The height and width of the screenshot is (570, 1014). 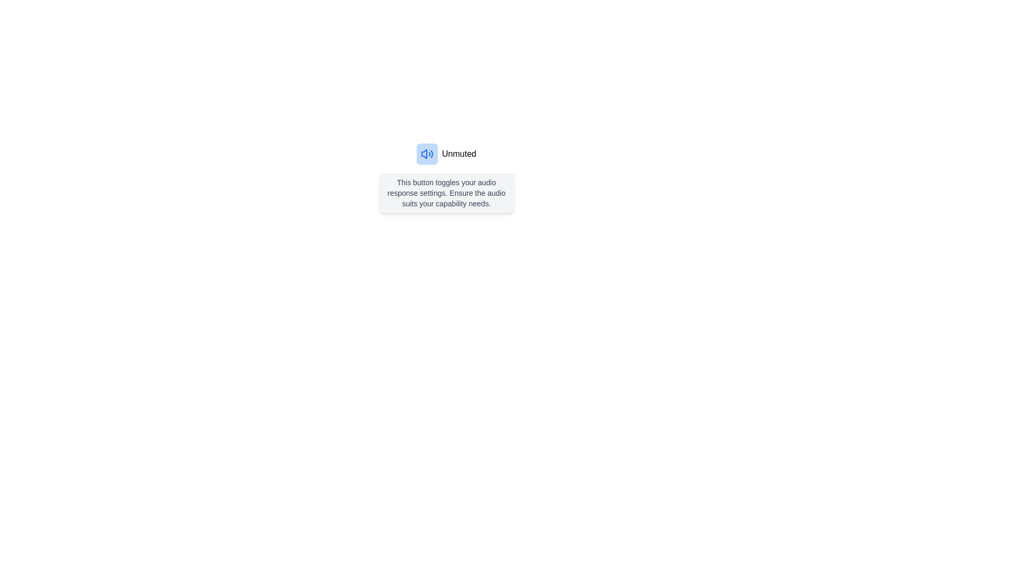 I want to click on the audio toggle button located, so click(x=427, y=154).